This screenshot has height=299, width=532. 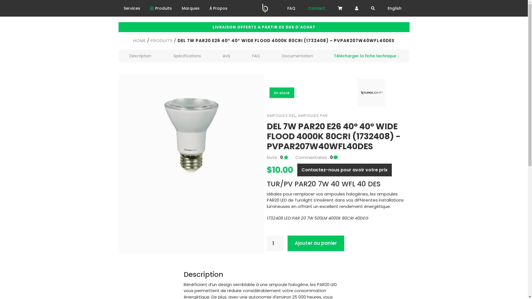 I want to click on 'HOME', so click(x=139, y=40).